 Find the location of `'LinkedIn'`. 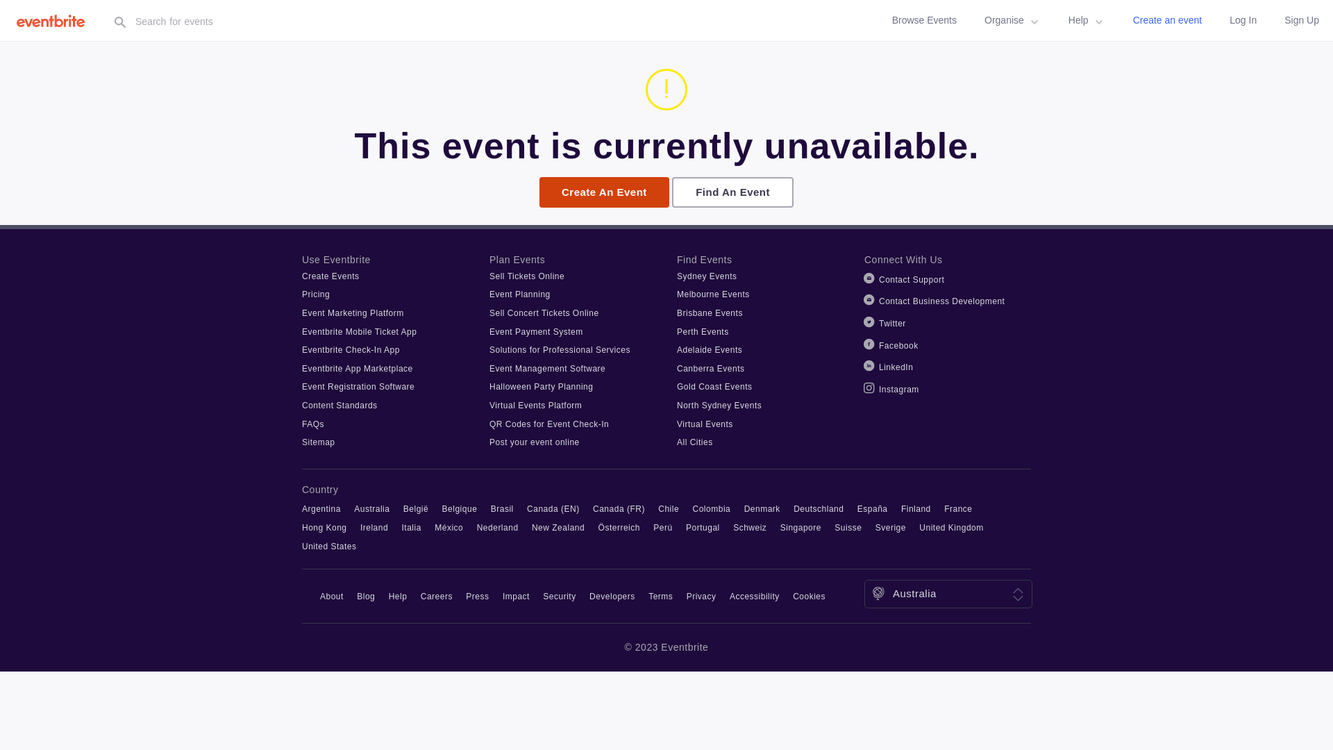

'LinkedIn' is located at coordinates (896, 366).